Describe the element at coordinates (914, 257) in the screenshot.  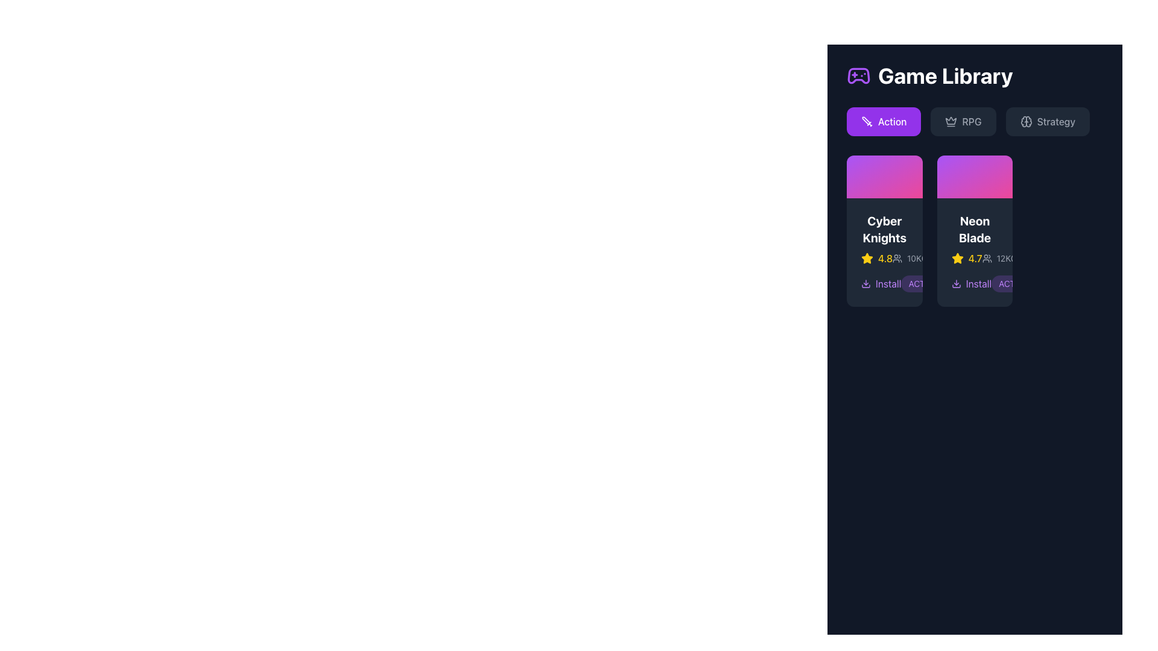
I see `text label displaying '10K', which is a smaller-sized grayish-white text located in the bottom portion of the card for the game 'Cyber Knights'` at that location.